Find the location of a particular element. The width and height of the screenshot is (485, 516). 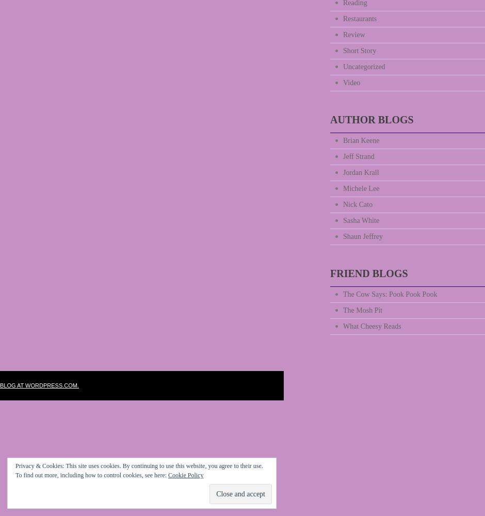

'Michele Lee' is located at coordinates (361, 188).